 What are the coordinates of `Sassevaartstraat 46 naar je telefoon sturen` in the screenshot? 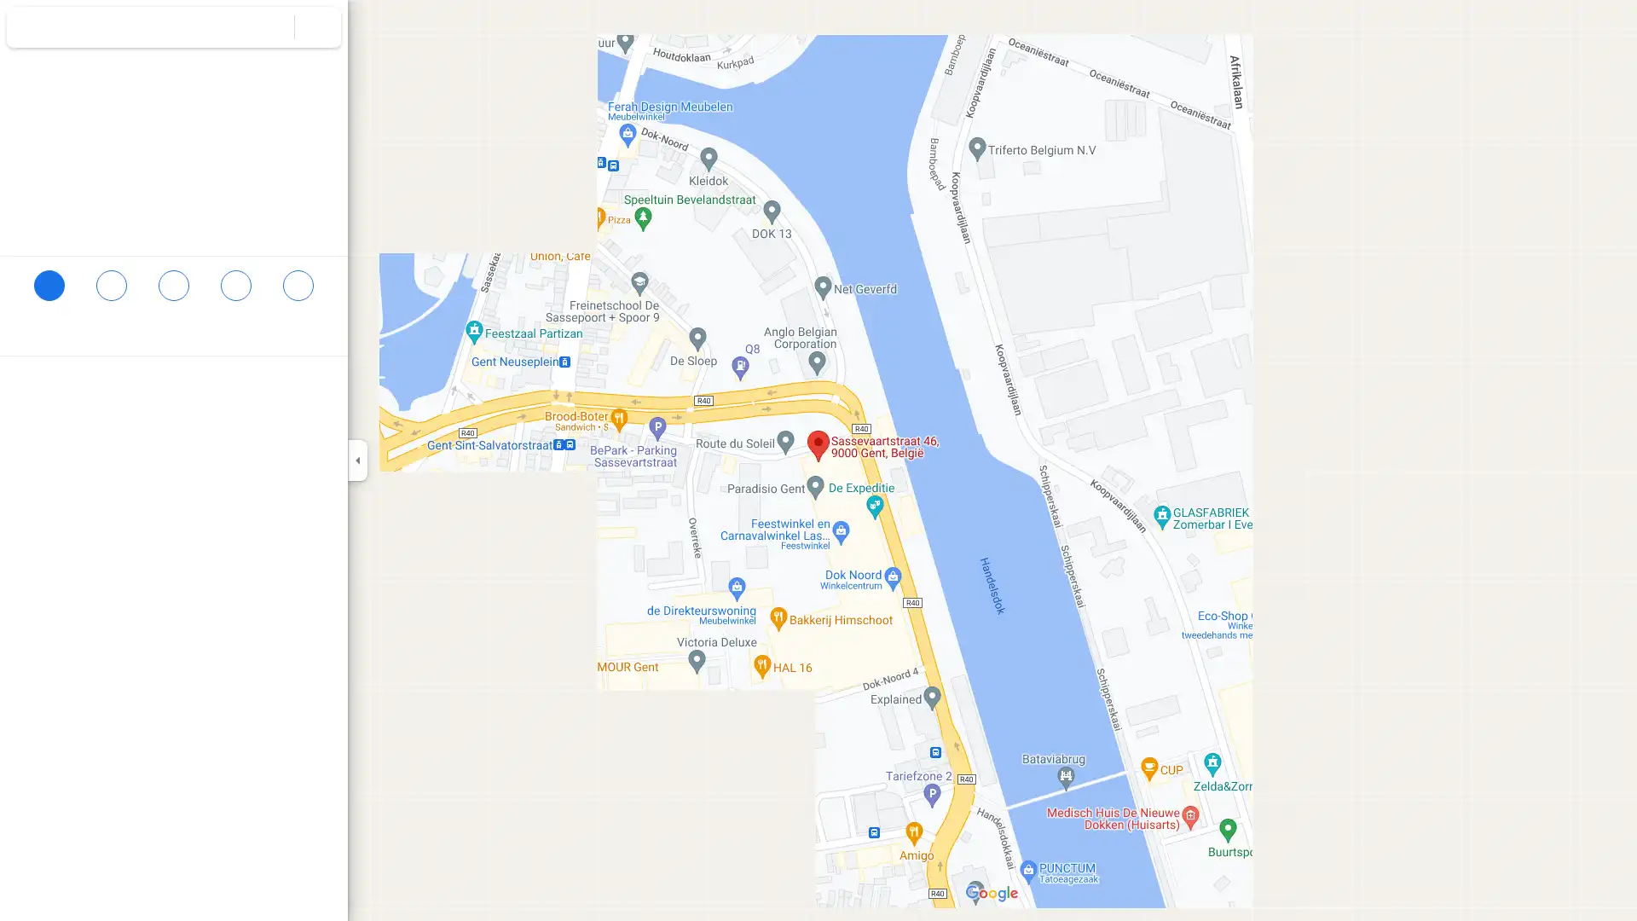 It's located at (234, 304).